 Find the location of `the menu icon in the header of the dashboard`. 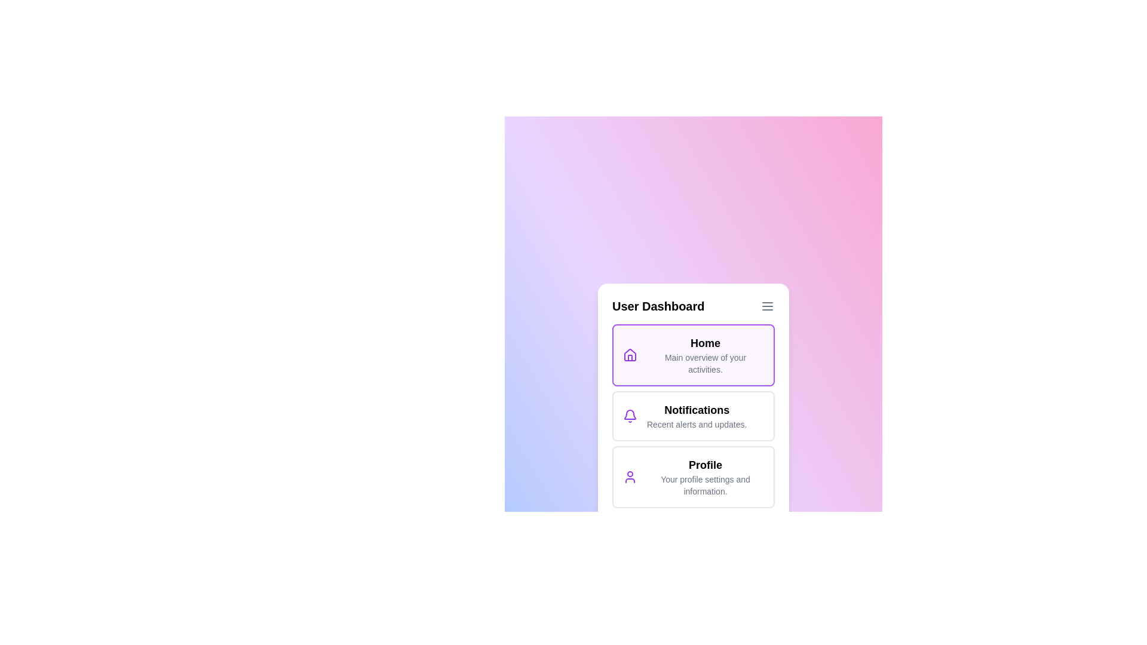

the menu icon in the header of the dashboard is located at coordinates (768, 306).